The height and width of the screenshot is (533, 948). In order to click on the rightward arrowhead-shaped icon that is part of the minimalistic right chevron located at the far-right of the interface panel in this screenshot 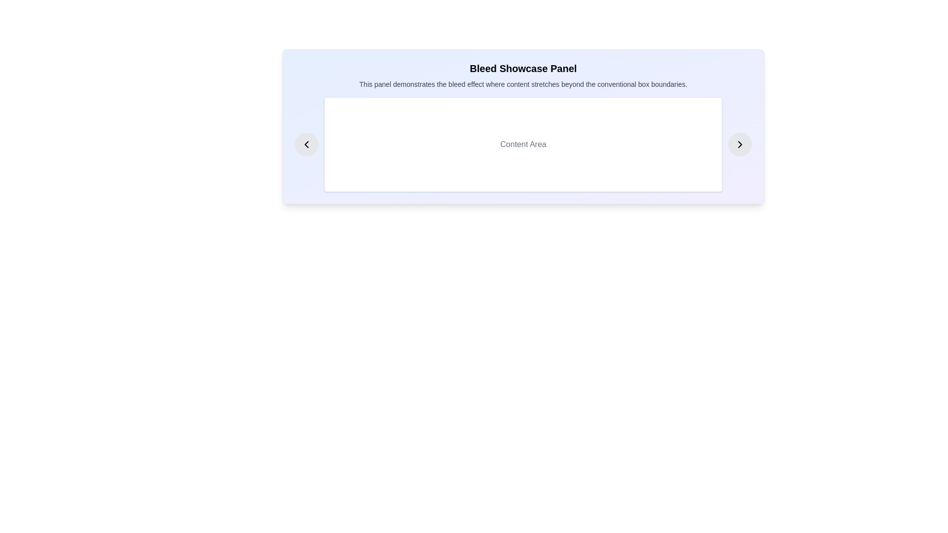, I will do `click(740, 145)`.